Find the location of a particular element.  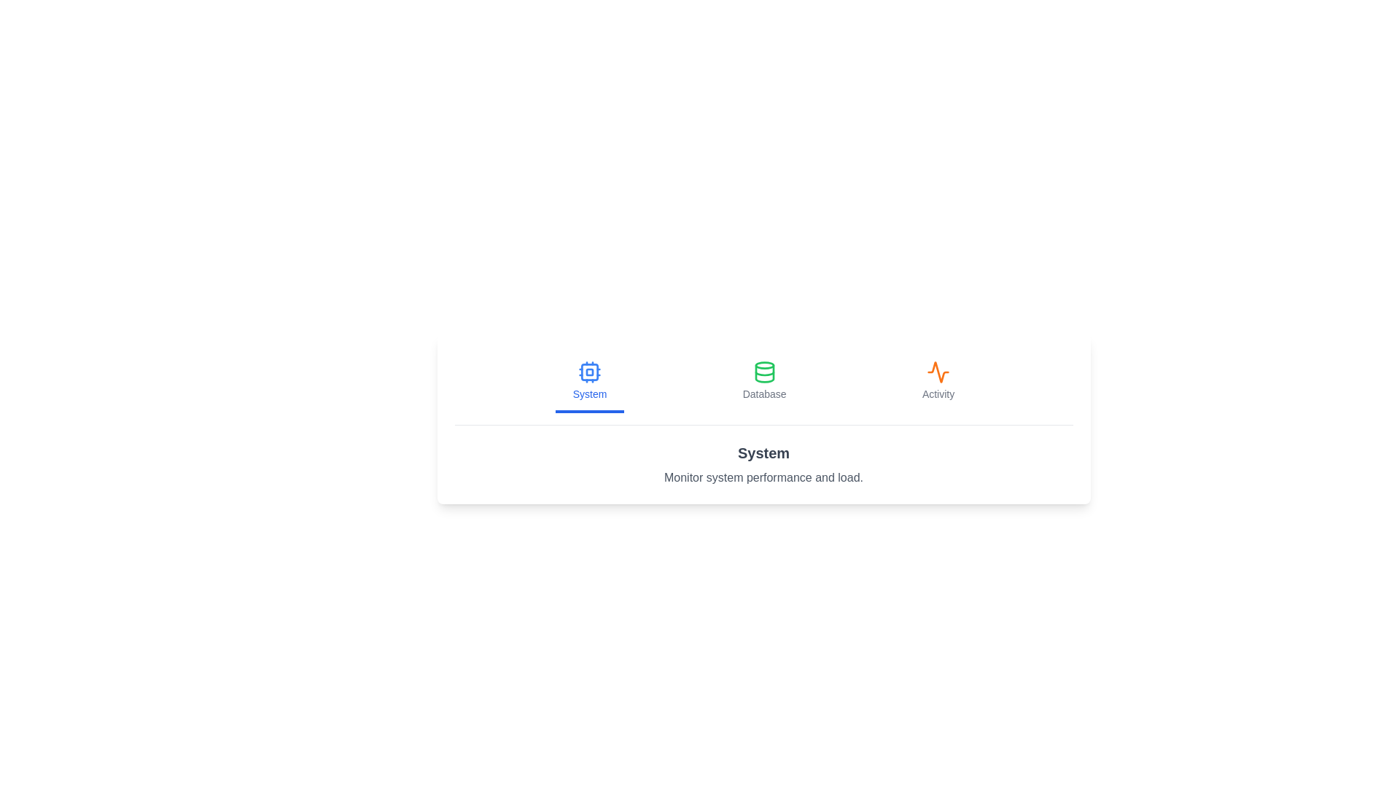

the Database tab by clicking its button is located at coordinates (763, 381).